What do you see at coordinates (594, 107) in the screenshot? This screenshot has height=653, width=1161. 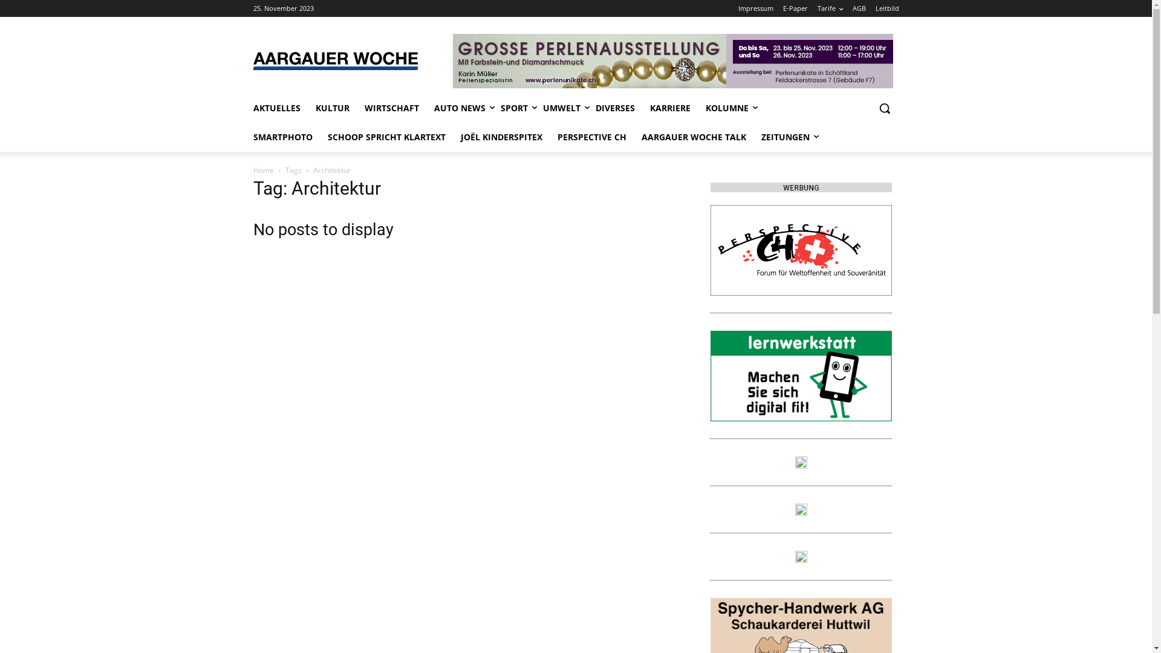 I see `'DIVERSES'` at bounding box center [594, 107].